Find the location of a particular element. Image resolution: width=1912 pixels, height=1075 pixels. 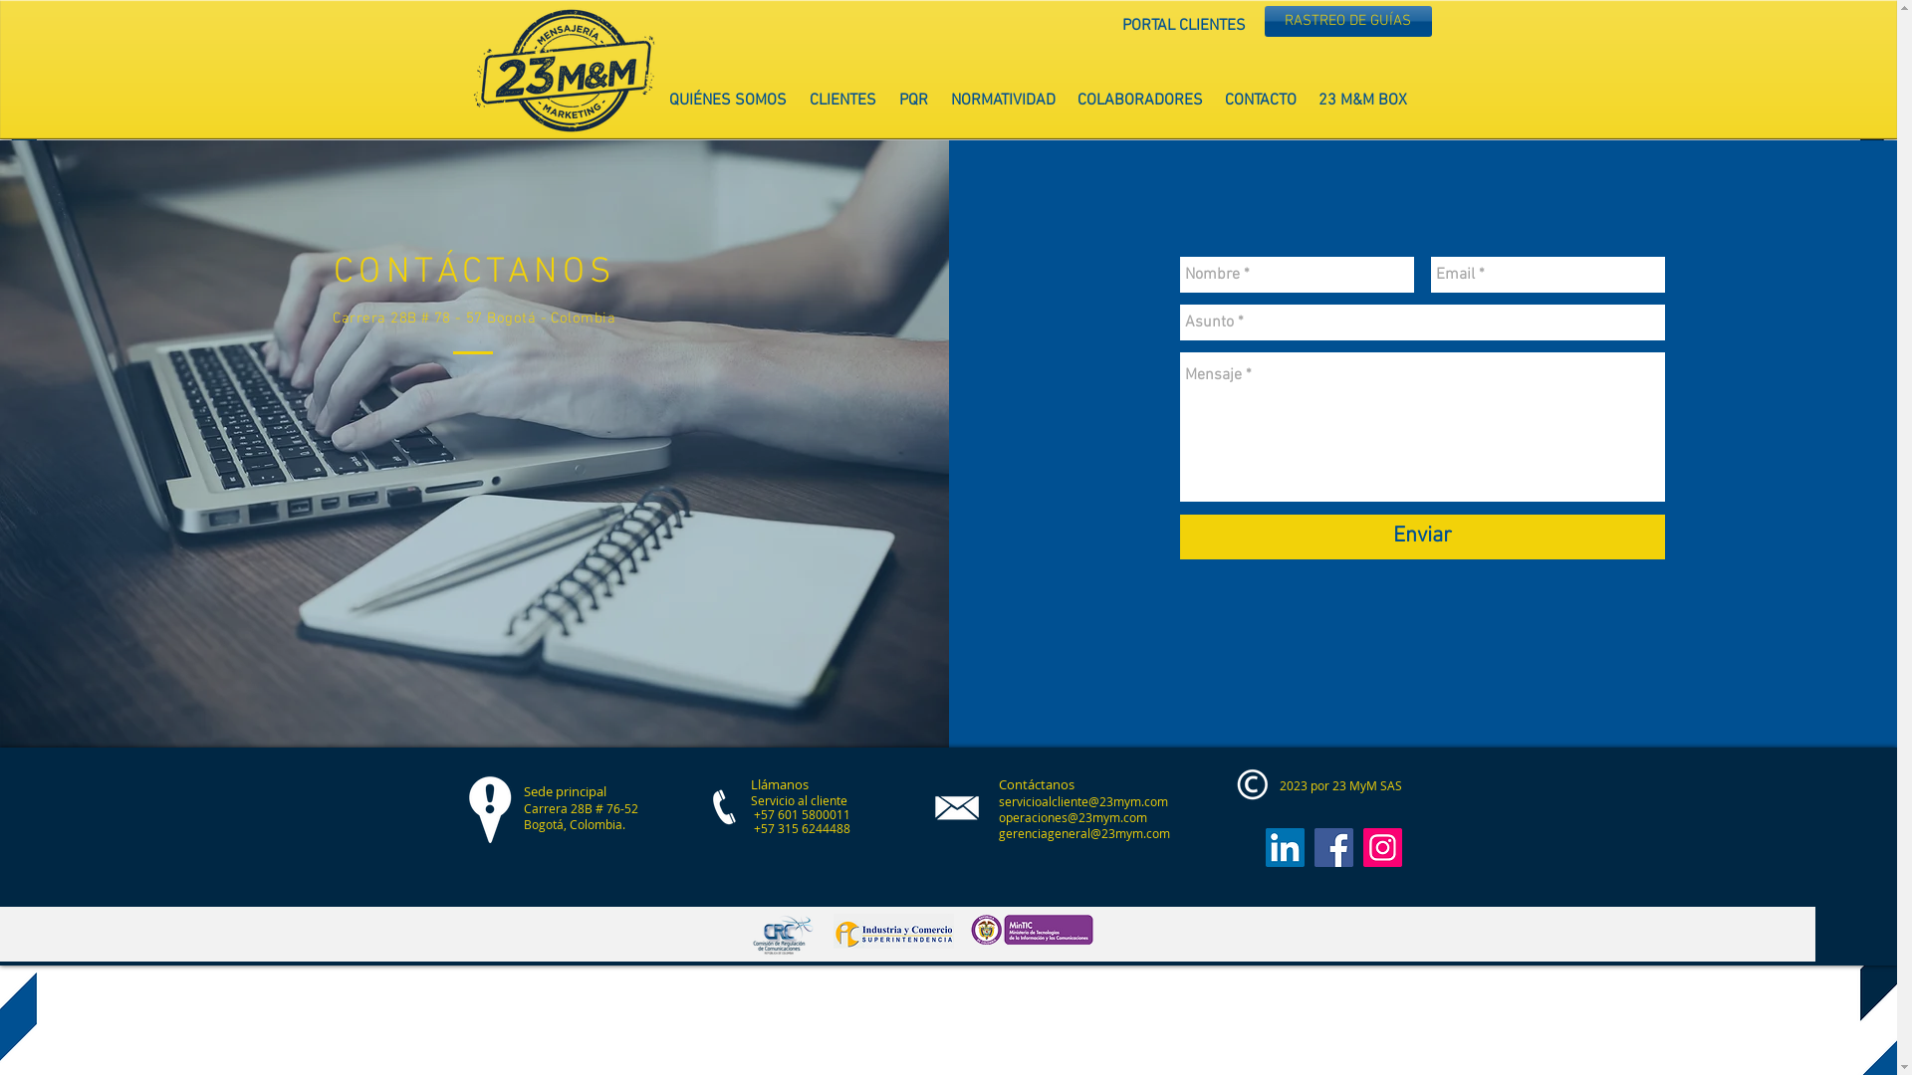

'Enviar' is located at coordinates (1421, 536).